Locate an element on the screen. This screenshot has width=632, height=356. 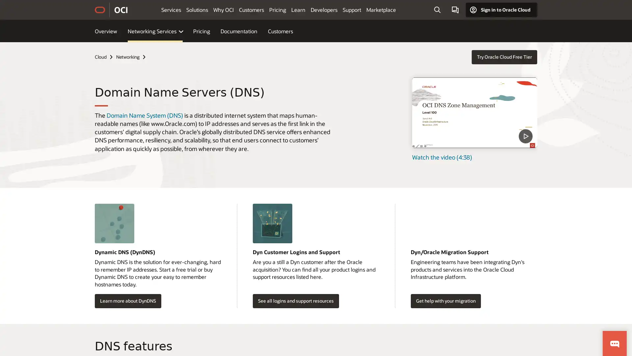
Learn is located at coordinates (298, 10).